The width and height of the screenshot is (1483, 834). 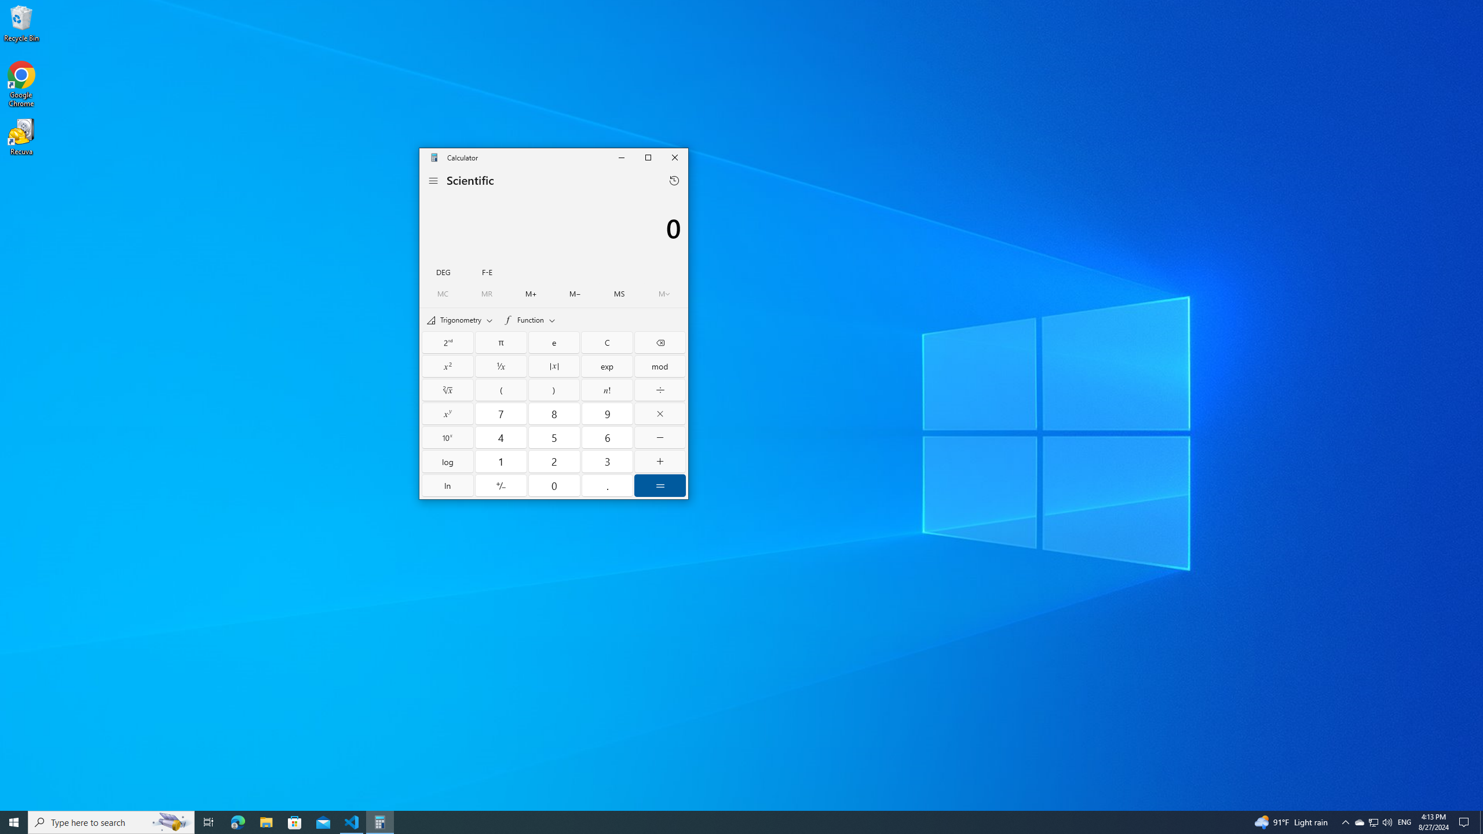 I want to click on 'Six', so click(x=607, y=437).